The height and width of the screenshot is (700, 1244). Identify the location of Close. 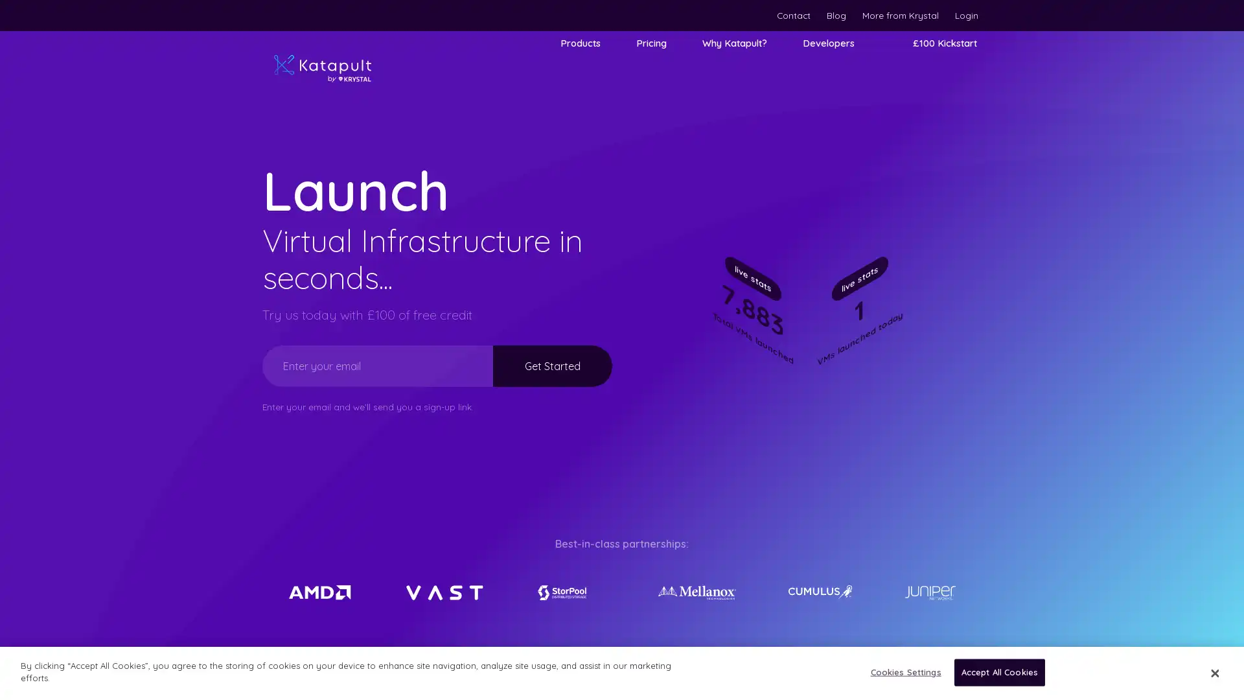
(1214, 671).